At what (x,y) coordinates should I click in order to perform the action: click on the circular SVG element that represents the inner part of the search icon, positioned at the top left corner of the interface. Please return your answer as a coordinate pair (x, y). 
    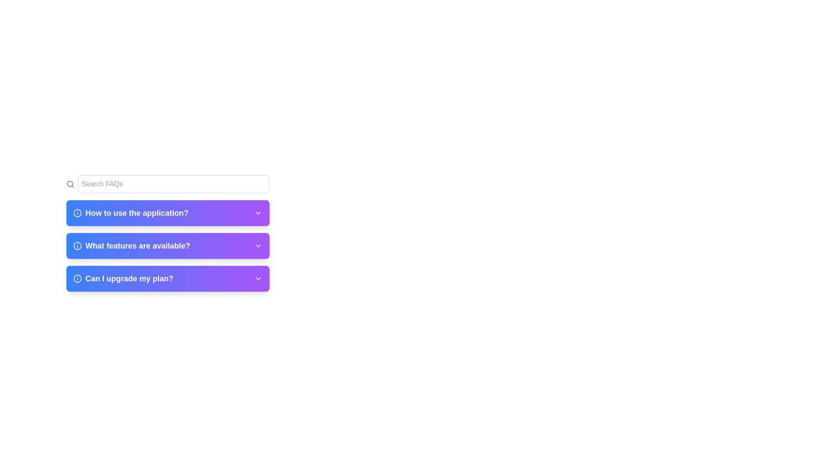
    Looking at the image, I should click on (70, 183).